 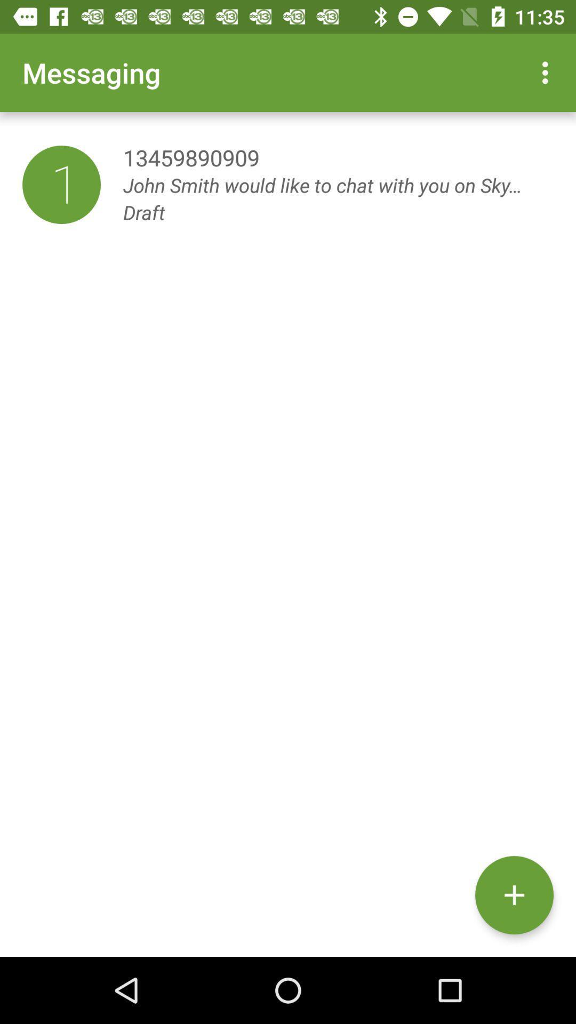 I want to click on the icon at the top right corner, so click(x=548, y=72).